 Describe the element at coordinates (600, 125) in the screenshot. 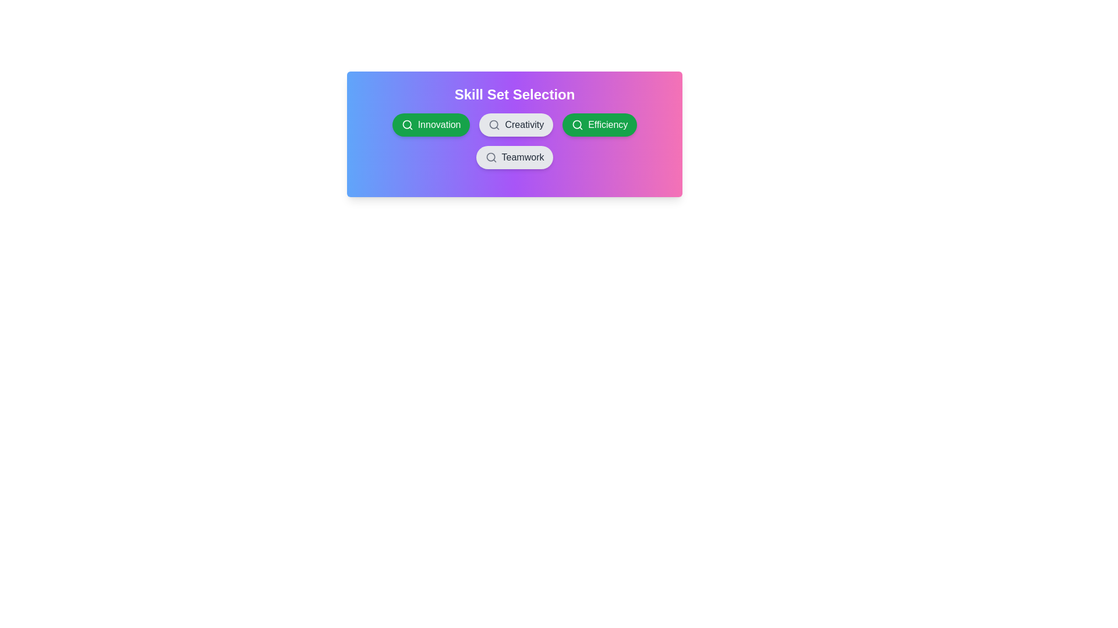

I see `the chip labeled Efficiency` at that location.